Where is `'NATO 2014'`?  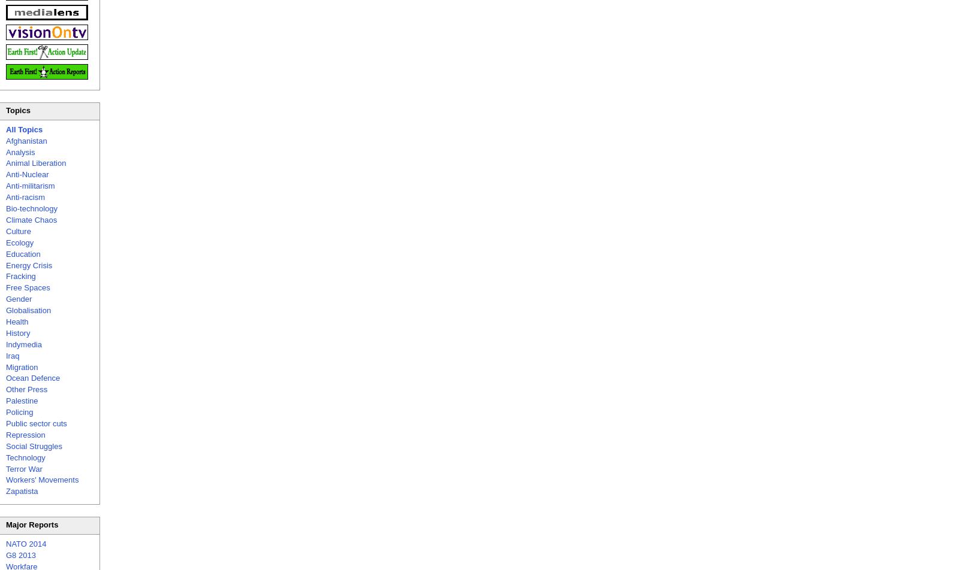
'NATO 2014' is located at coordinates (25, 544).